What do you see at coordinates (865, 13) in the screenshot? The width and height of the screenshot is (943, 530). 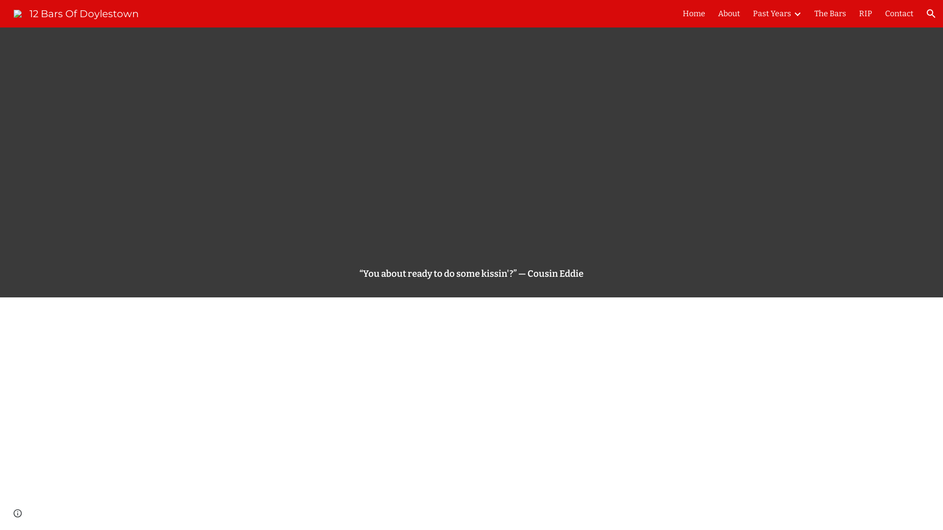 I see `'RIP'` at bounding box center [865, 13].